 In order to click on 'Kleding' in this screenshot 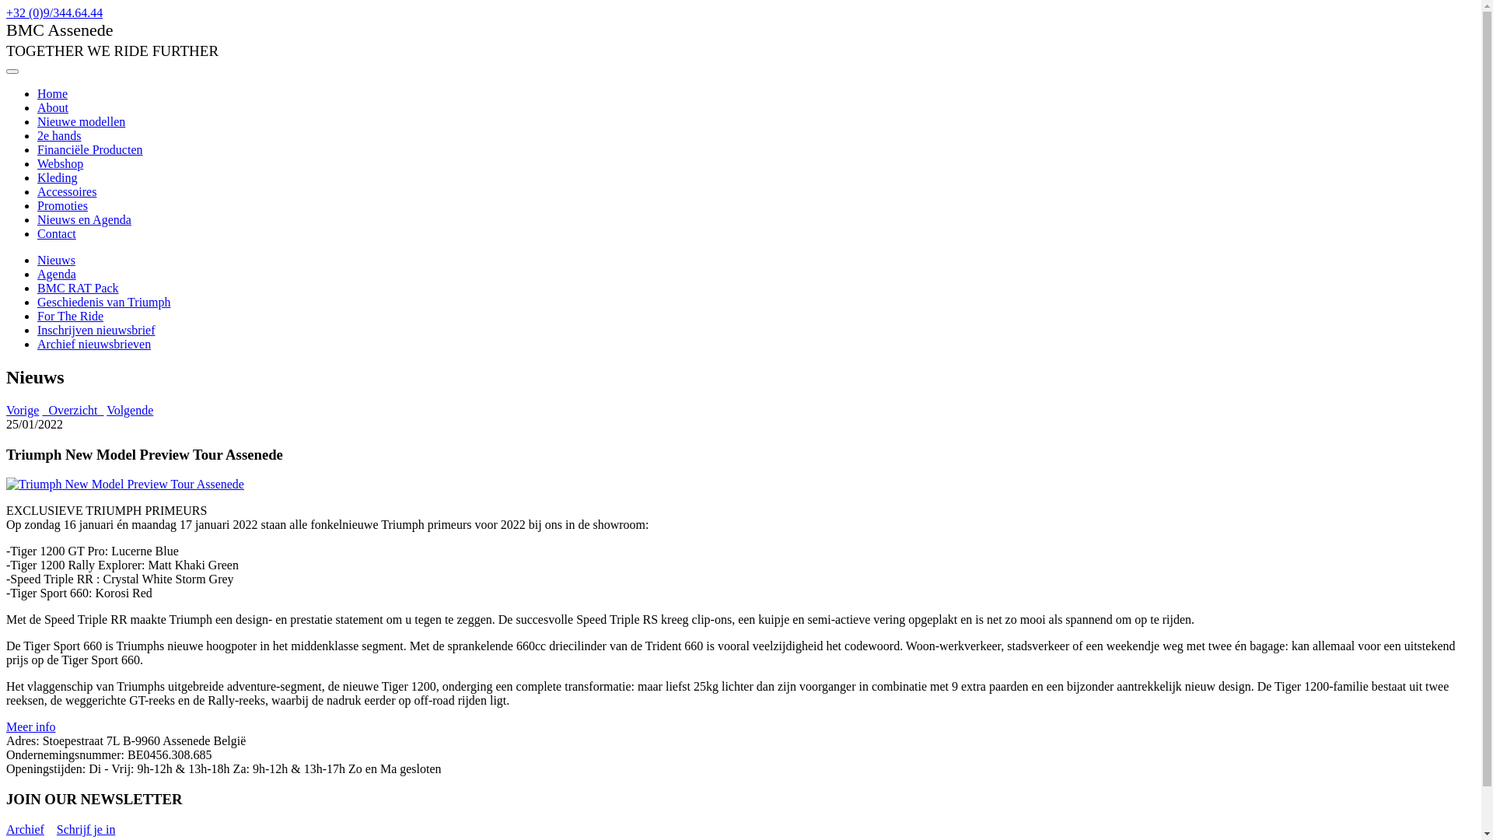, I will do `click(57, 177)`.